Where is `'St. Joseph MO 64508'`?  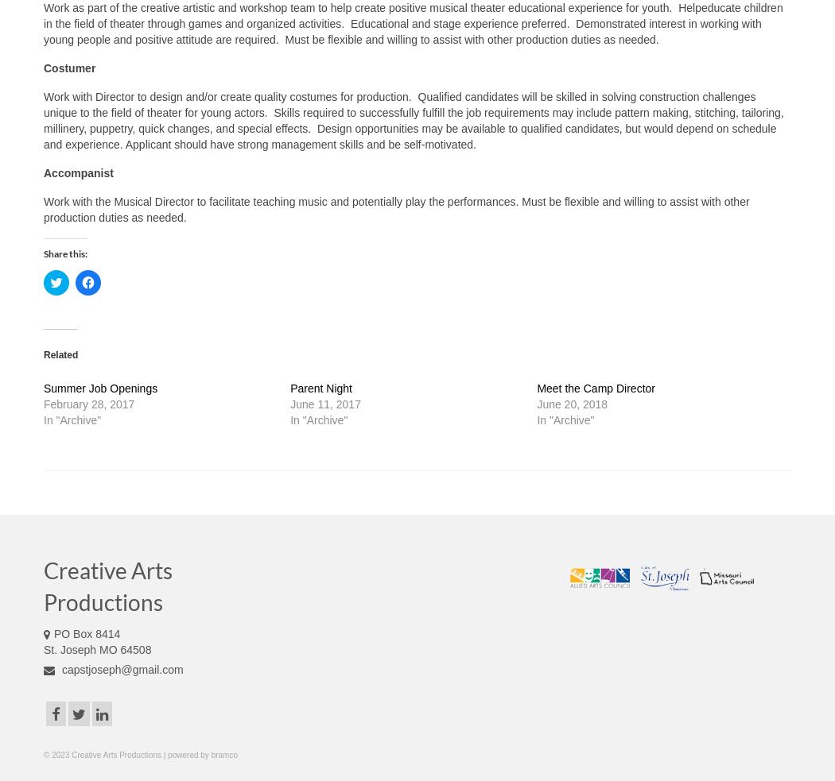
'St. Joseph MO 64508' is located at coordinates (96, 648).